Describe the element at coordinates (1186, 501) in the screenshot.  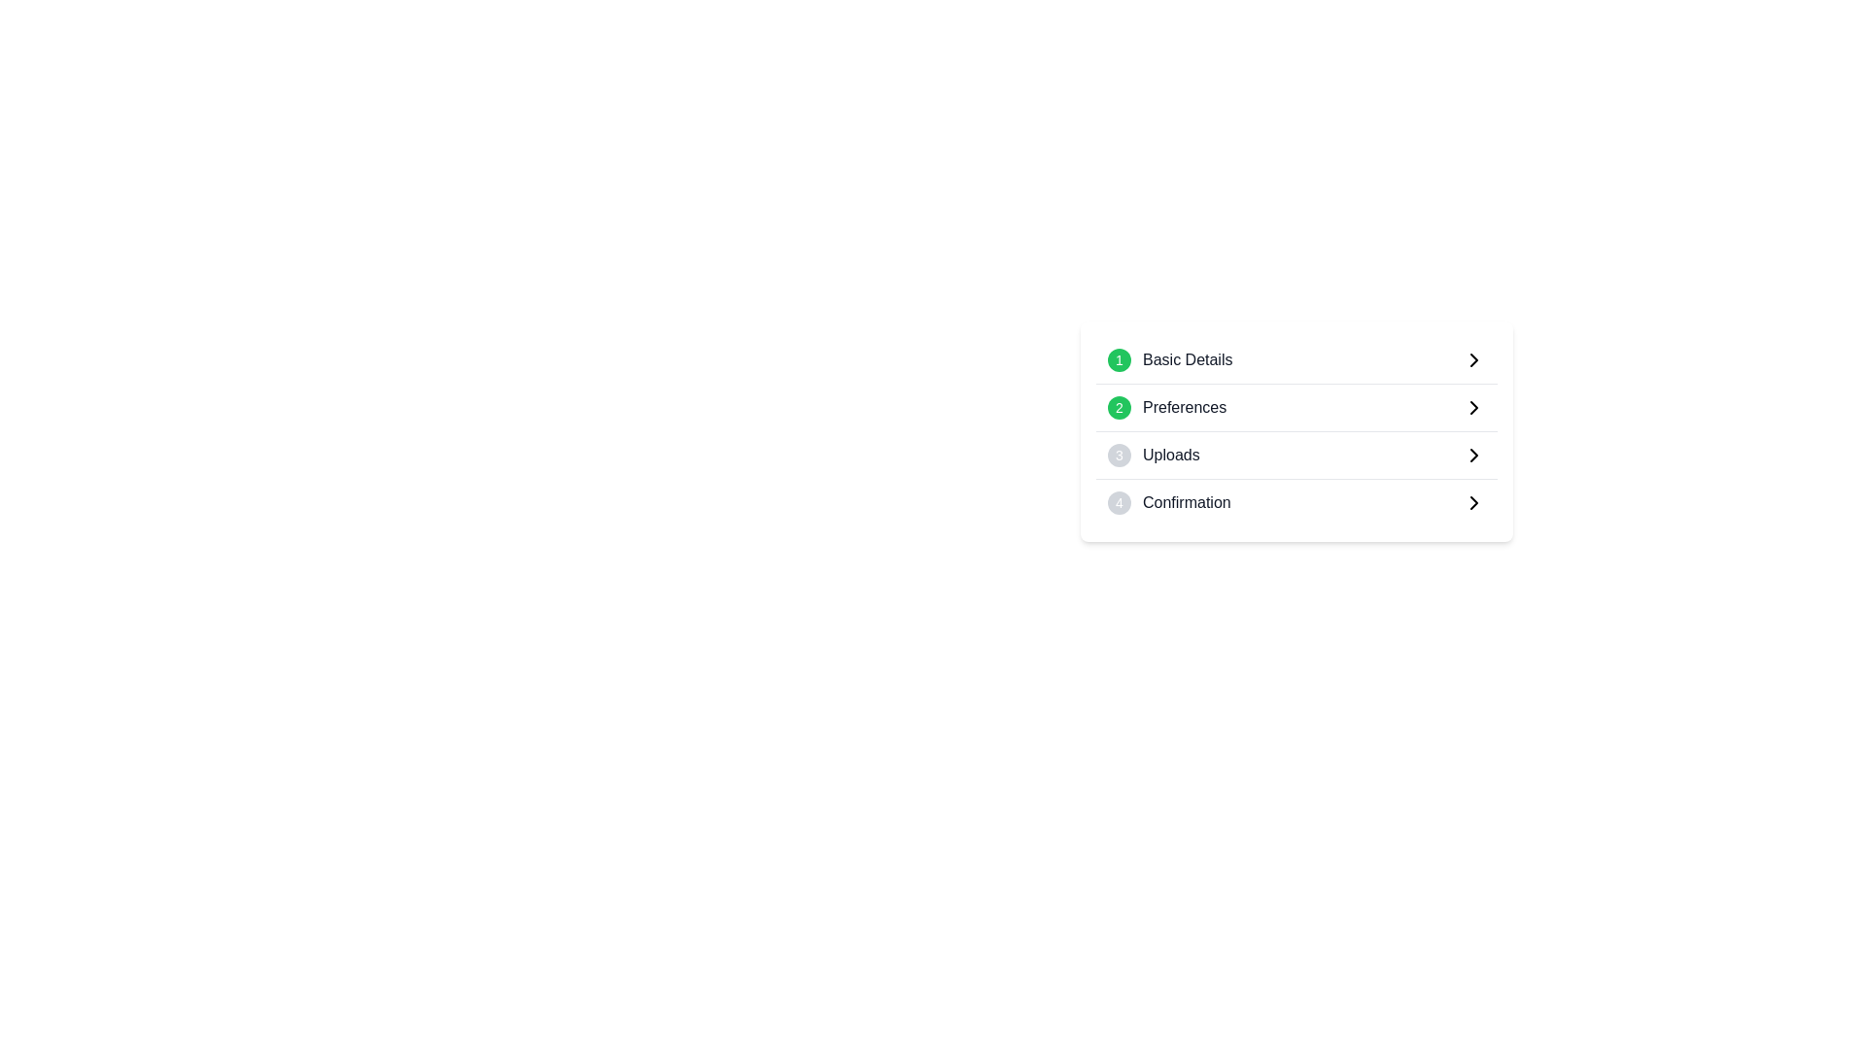
I see `the 'Confirmation' text label, which is the fourth entry in a step-list component, located next to the rounded numerical icon labeled '4'` at that location.